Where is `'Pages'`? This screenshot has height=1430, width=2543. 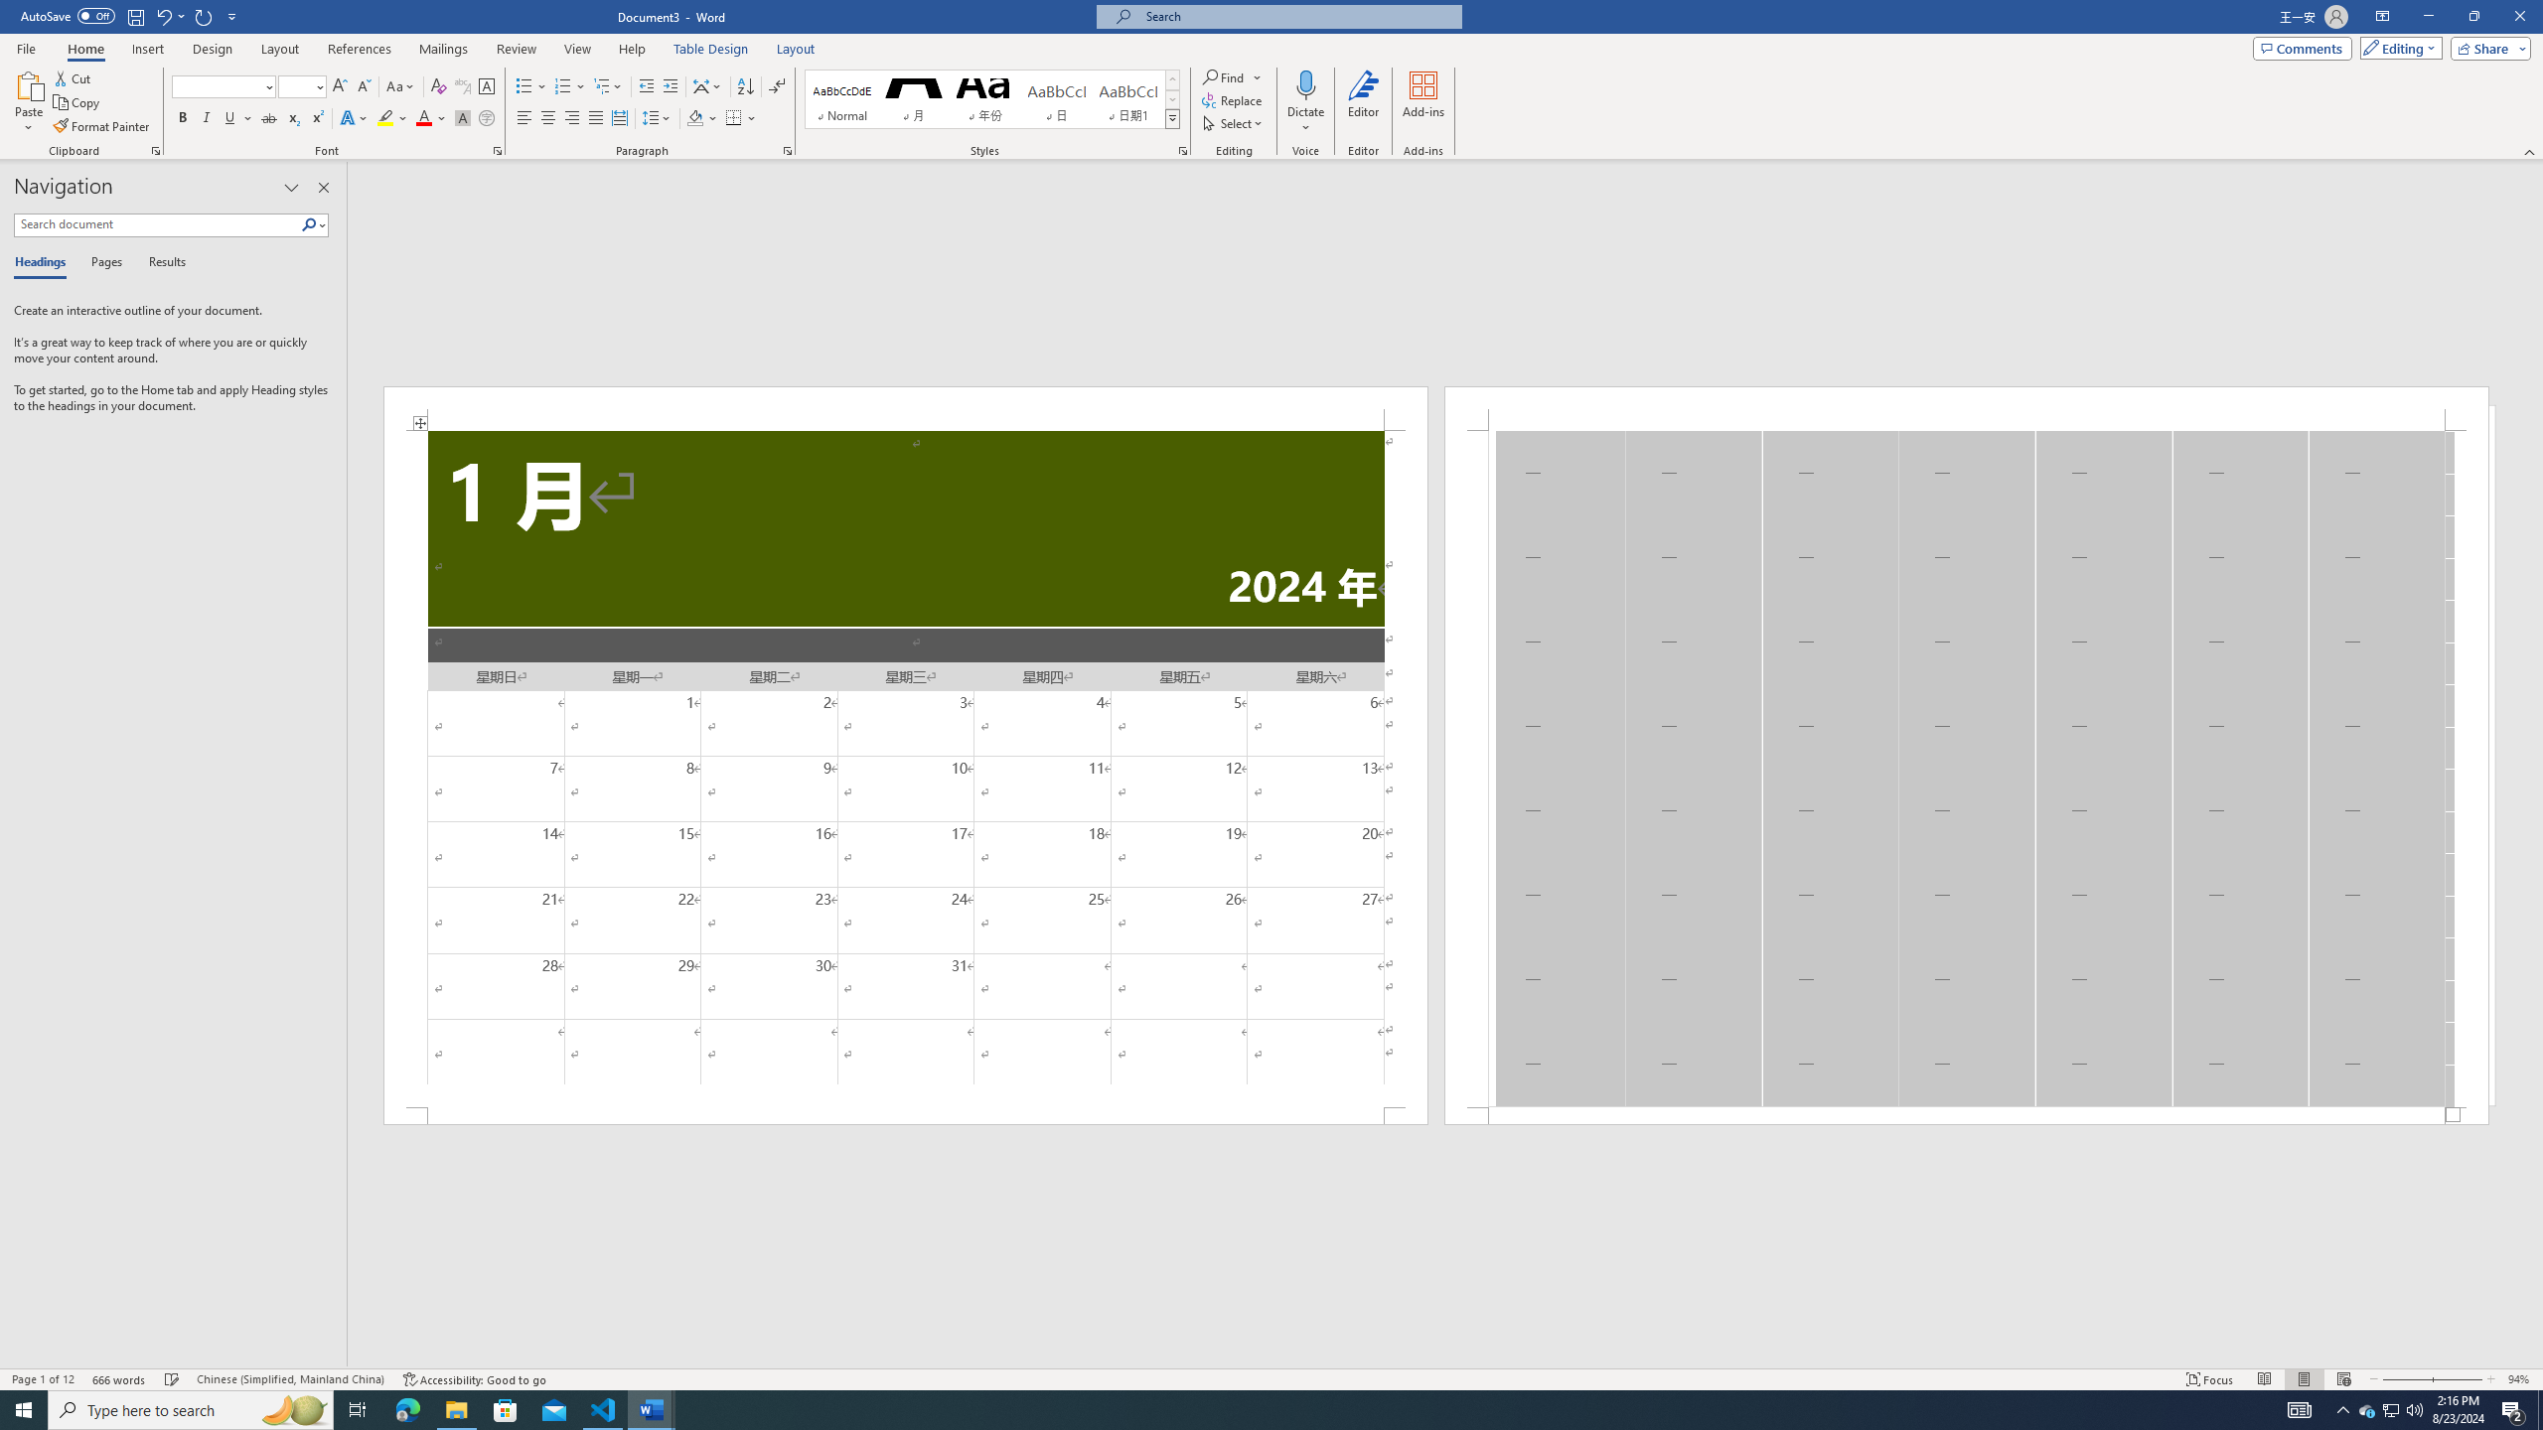 'Pages' is located at coordinates (102, 262).